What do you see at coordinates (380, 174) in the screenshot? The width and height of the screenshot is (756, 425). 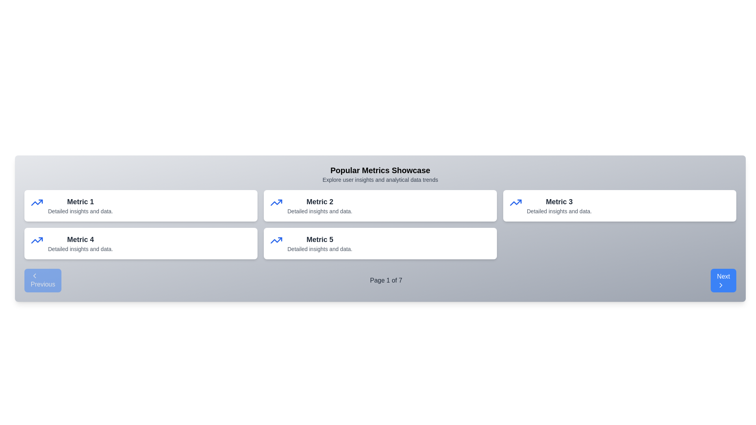 I see `text from the header element titled 'Popular Metrics Showcase' with the subtitle 'Explore user insights and analytical data trends'` at bounding box center [380, 174].